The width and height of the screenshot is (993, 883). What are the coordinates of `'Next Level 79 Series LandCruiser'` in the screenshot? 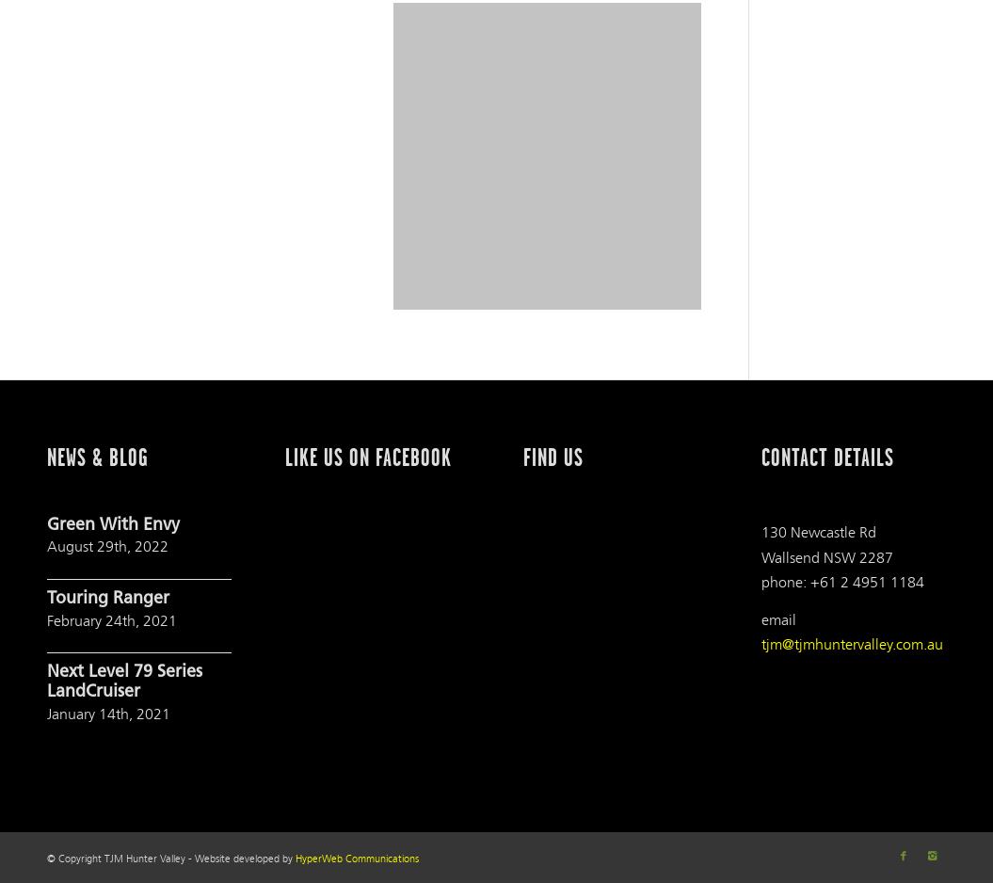 It's located at (124, 681).